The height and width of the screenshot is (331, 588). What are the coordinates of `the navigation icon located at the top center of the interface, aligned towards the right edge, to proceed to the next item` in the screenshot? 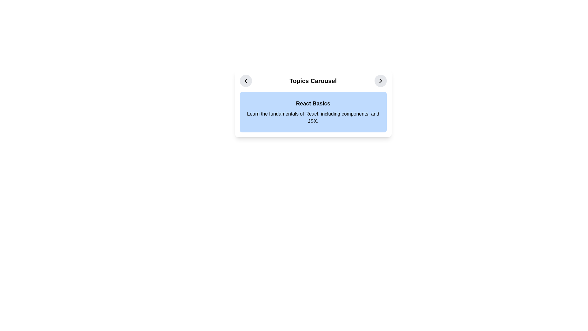 It's located at (380, 80).